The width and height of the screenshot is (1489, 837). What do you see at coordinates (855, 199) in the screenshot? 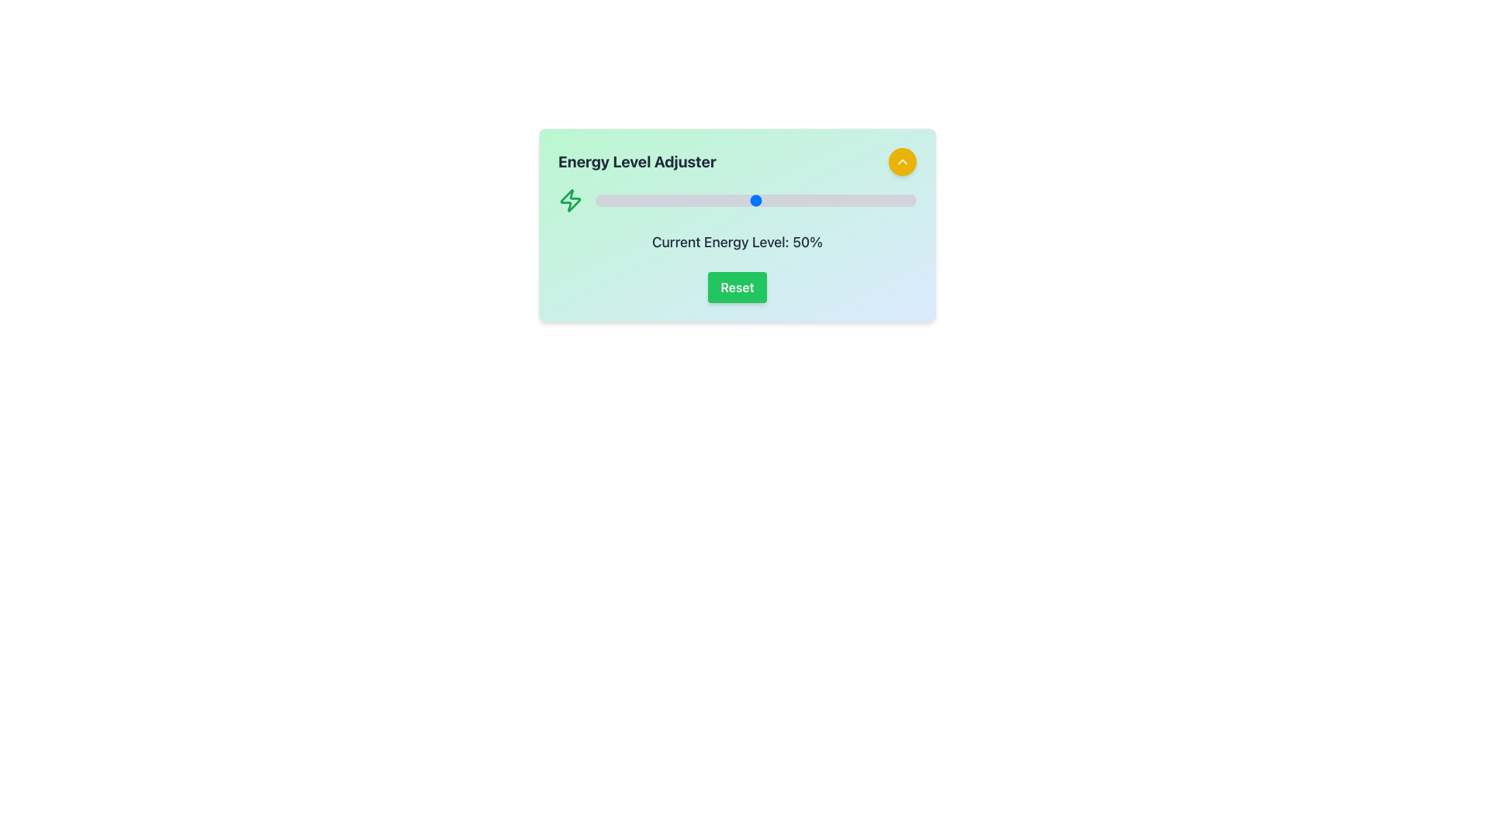
I see `energy level` at bounding box center [855, 199].